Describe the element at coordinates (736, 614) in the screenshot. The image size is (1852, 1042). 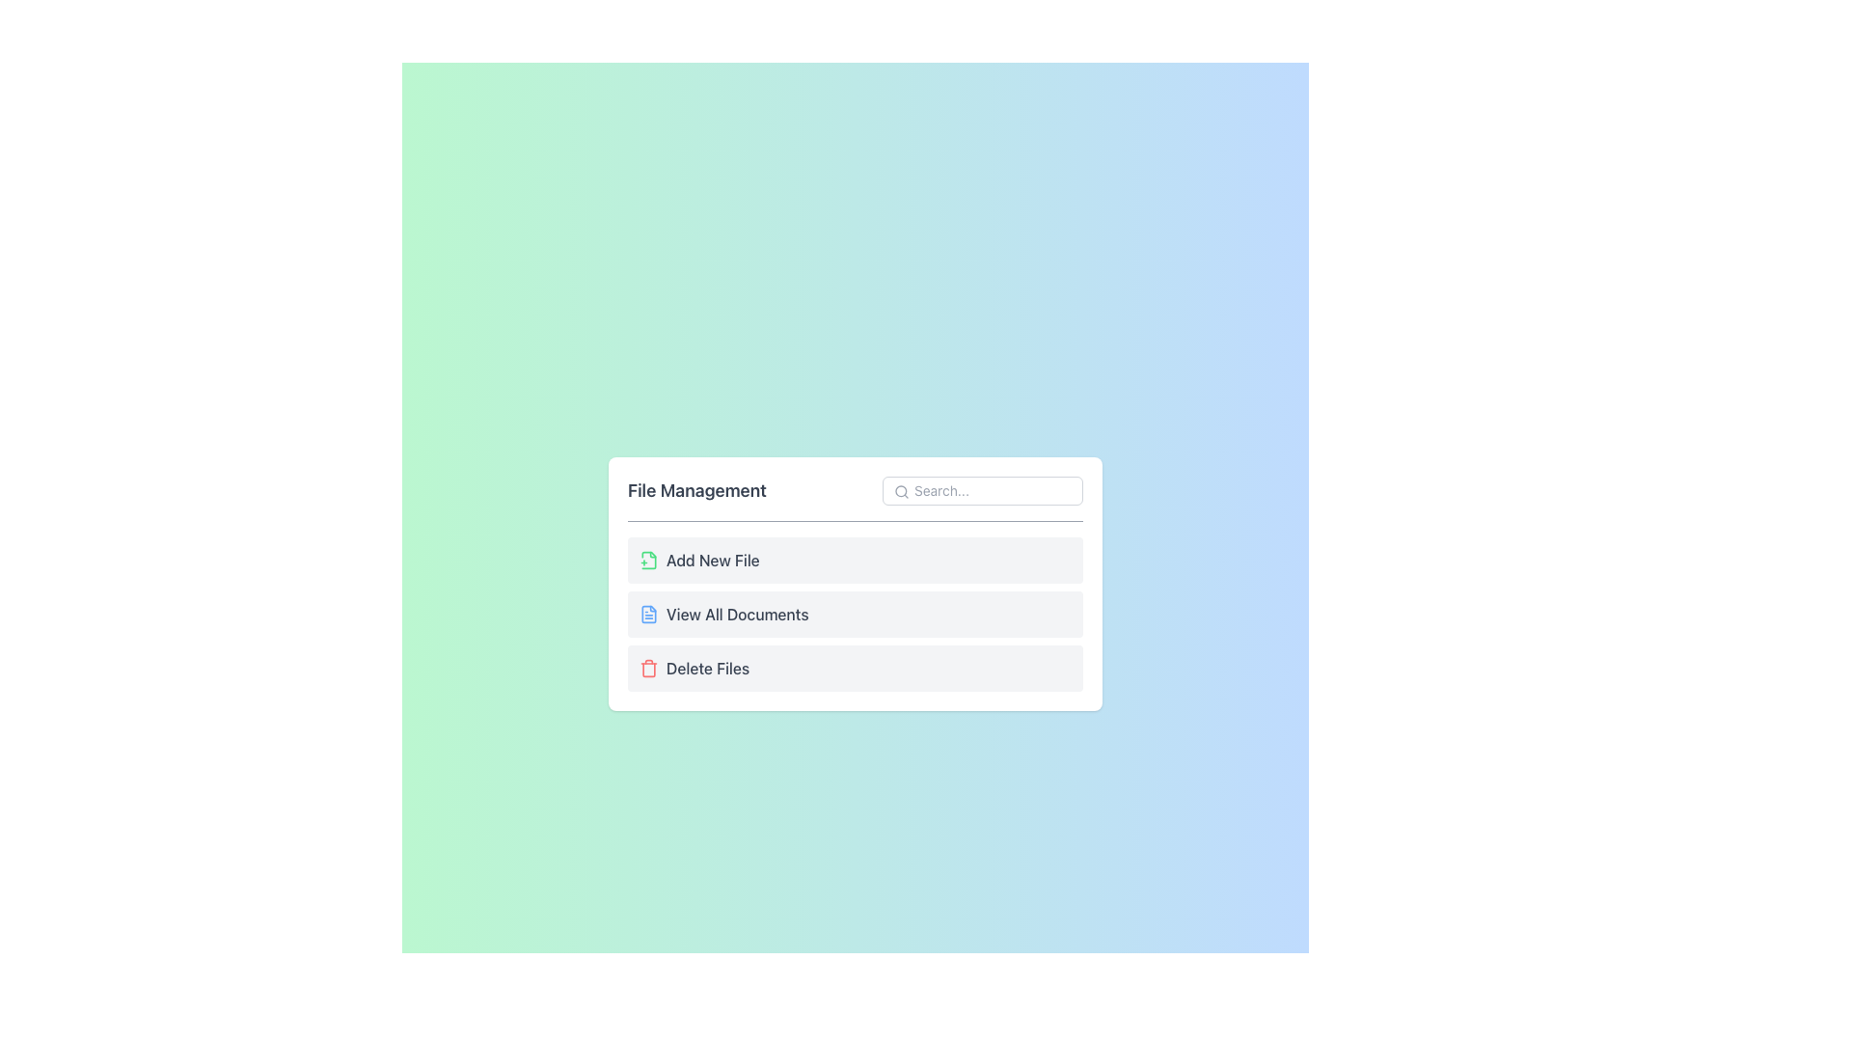
I see `the 'View All Documents' text label, which is styled in medium gray with a serif typeface and is positioned within the 'File Management' section, between 'Add New File' and 'Delete Files'` at that location.